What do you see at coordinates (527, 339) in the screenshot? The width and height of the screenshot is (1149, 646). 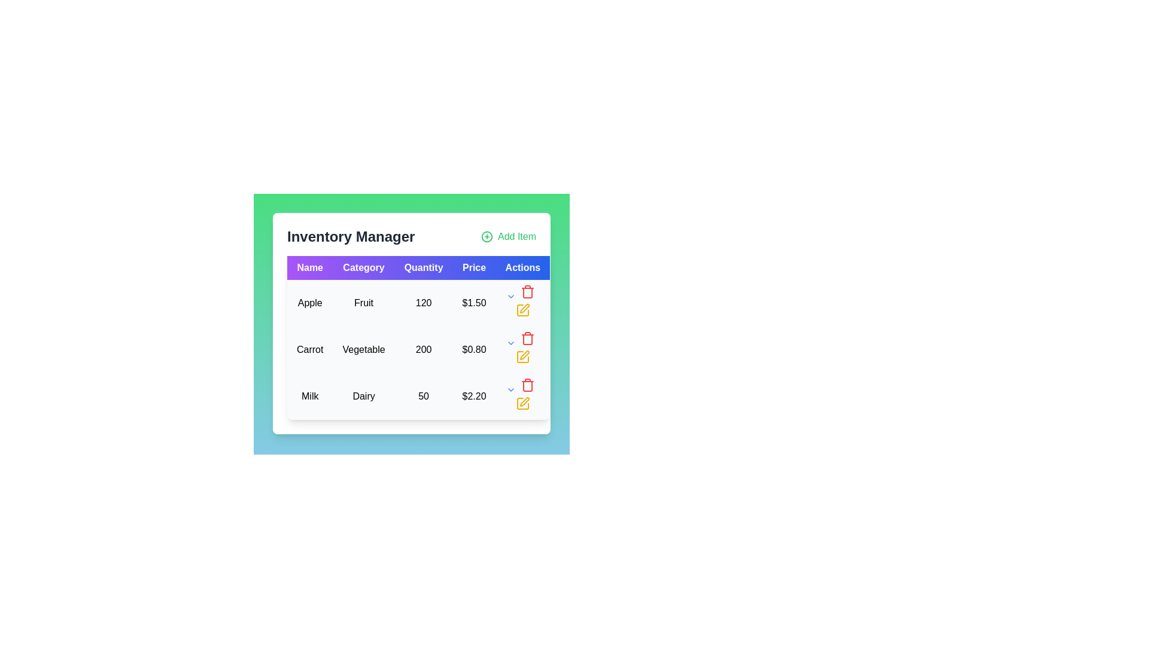 I see `the trash can icon` at bounding box center [527, 339].